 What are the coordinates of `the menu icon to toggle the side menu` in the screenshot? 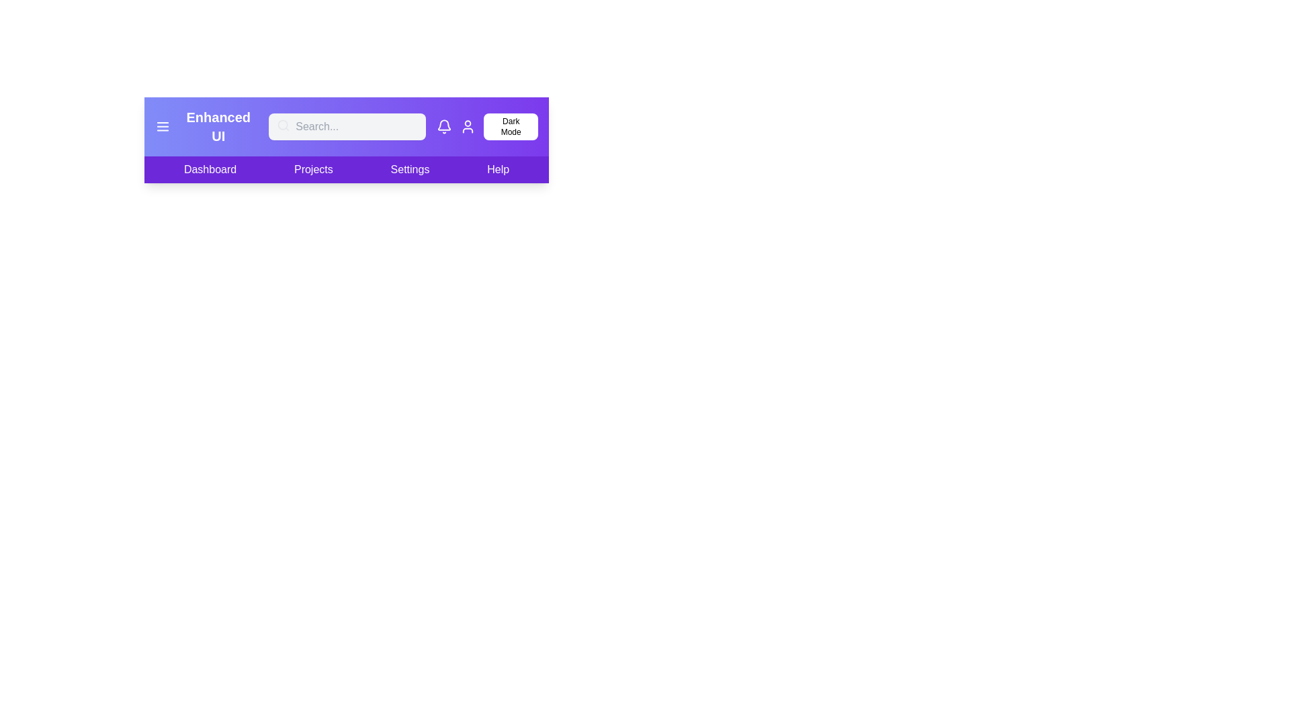 It's located at (161, 127).